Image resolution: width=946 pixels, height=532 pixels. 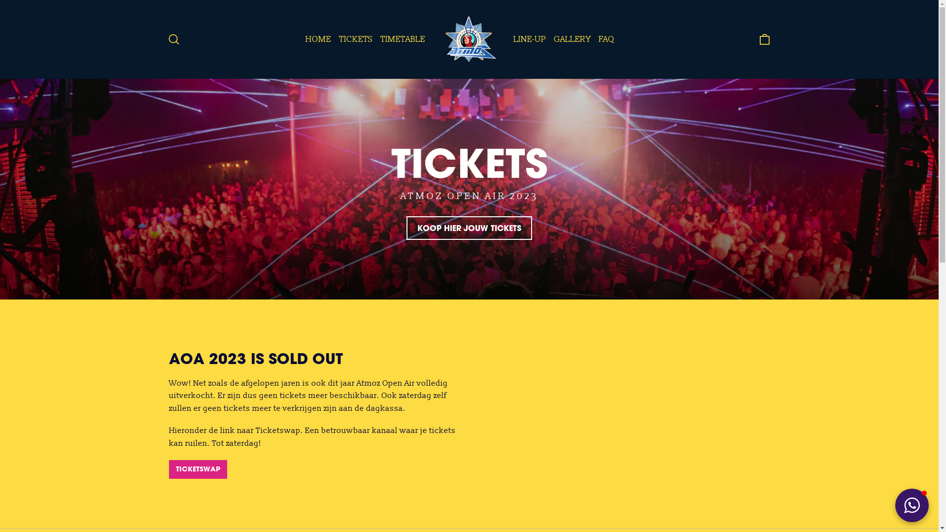 What do you see at coordinates (197, 468) in the screenshot?
I see `'TICKETSWAP'` at bounding box center [197, 468].